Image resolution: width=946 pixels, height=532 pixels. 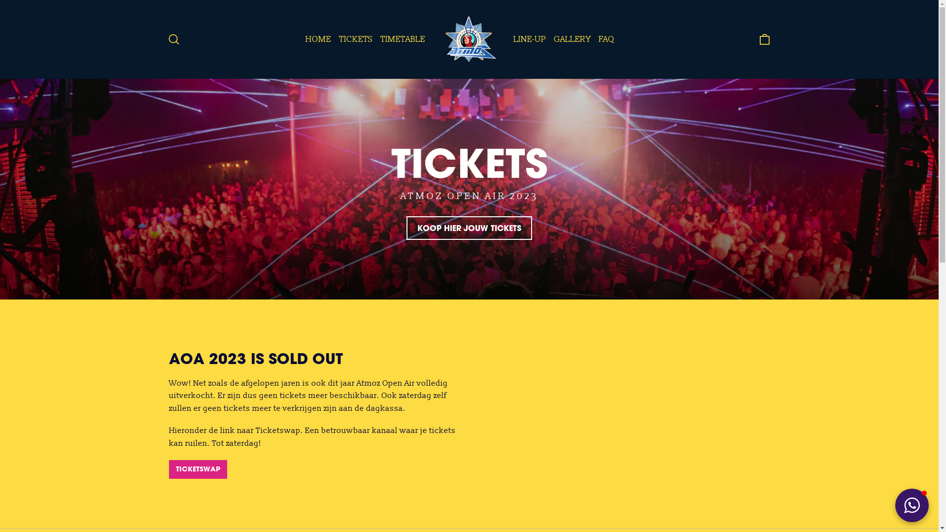 What do you see at coordinates (197, 468) in the screenshot?
I see `'TICKETSWAP'` at bounding box center [197, 468].